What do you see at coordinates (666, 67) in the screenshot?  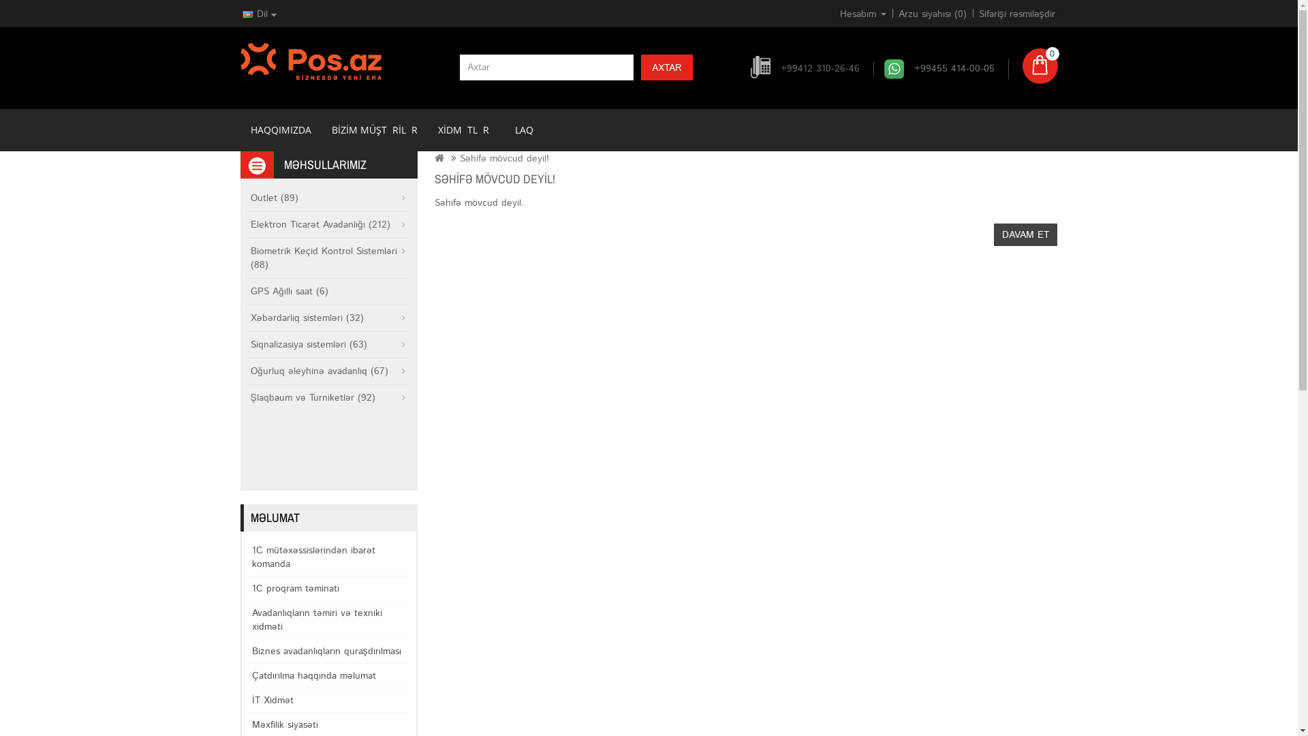 I see `'AXTAR'` at bounding box center [666, 67].